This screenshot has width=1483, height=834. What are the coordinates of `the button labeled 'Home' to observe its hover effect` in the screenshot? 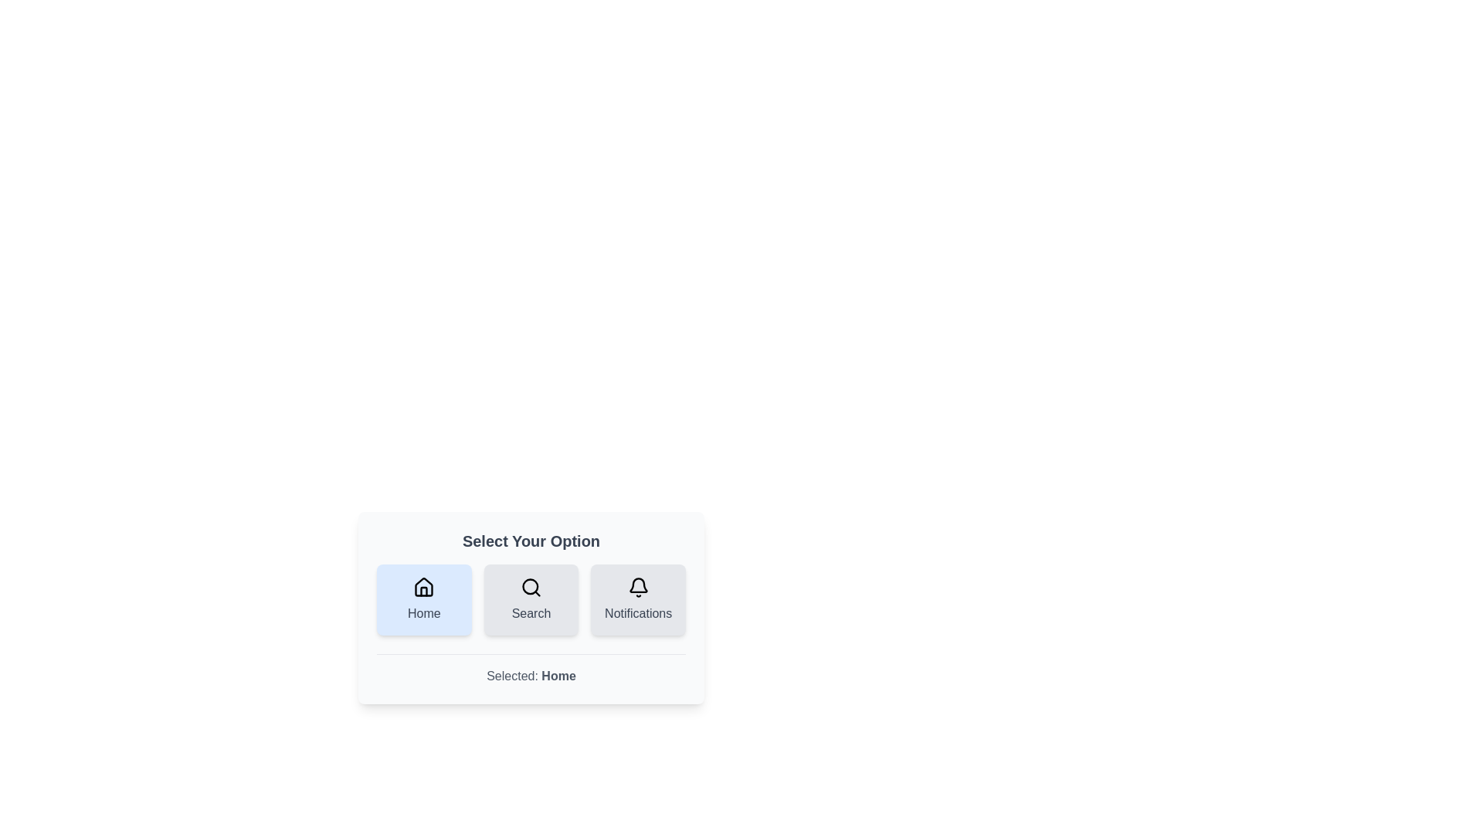 It's located at (423, 598).